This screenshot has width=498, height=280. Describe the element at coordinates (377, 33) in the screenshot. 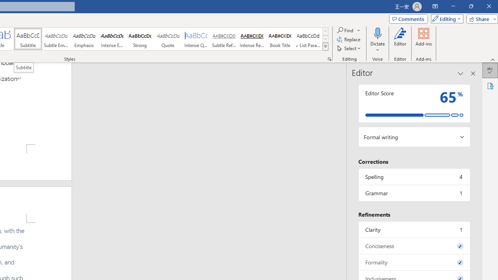

I see `'Dictate'` at that location.